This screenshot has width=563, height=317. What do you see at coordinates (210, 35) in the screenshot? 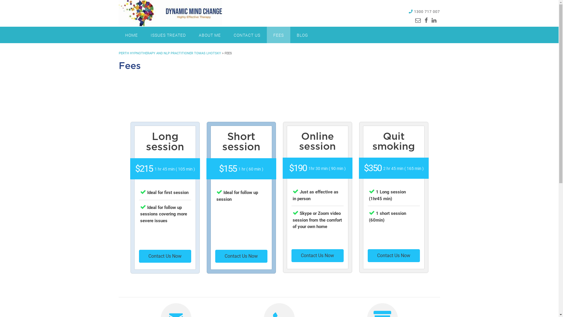
I see `'ABOUT ME'` at bounding box center [210, 35].